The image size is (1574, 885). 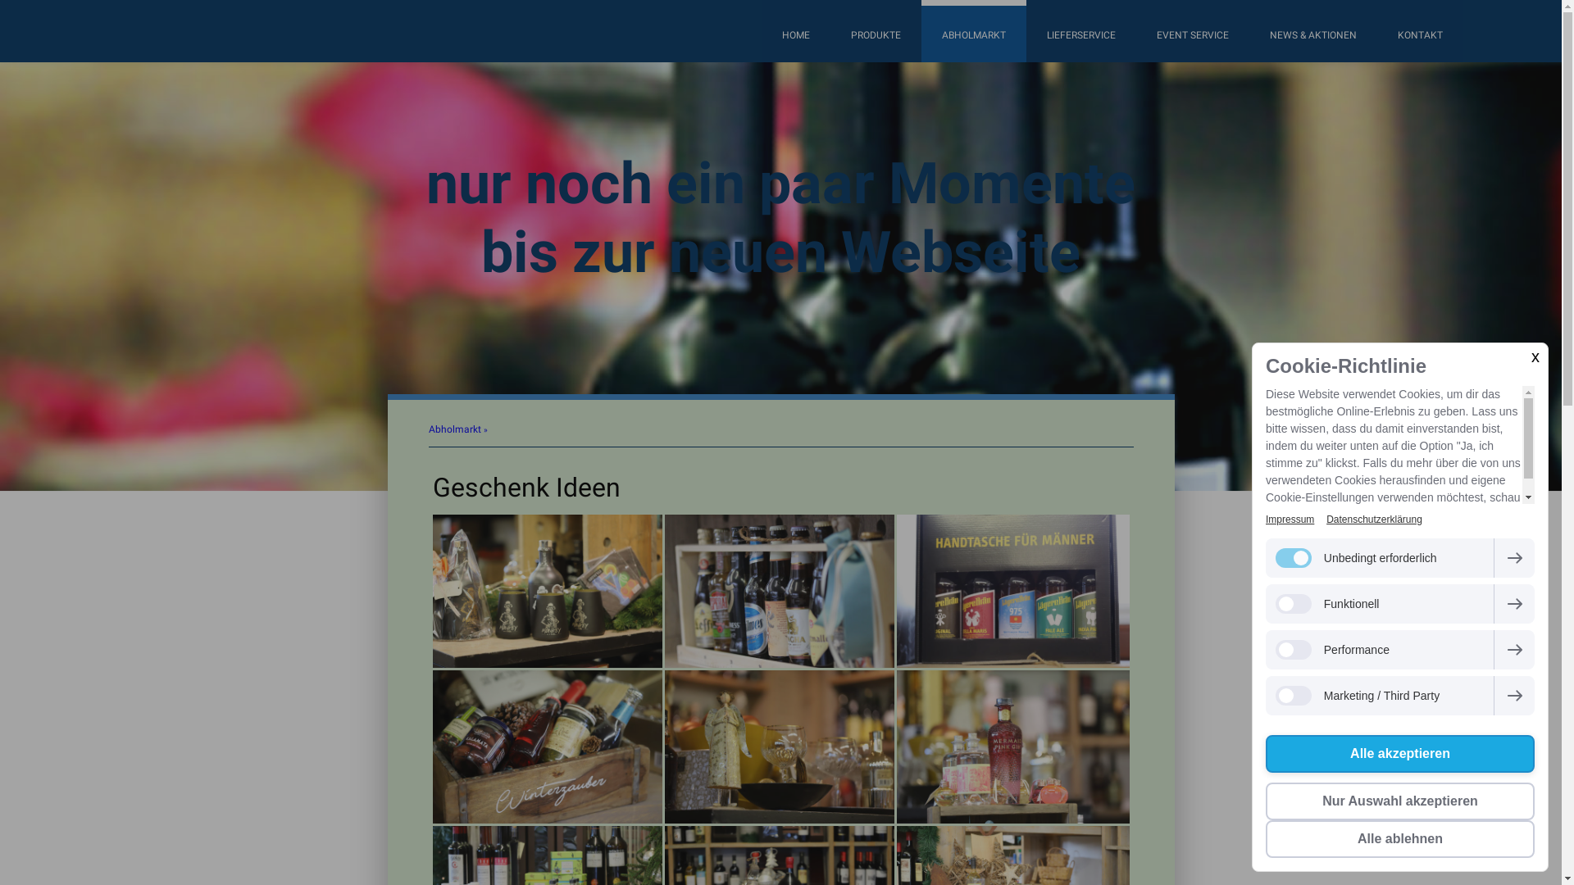 What do you see at coordinates (761, 31) in the screenshot?
I see `'HOME'` at bounding box center [761, 31].